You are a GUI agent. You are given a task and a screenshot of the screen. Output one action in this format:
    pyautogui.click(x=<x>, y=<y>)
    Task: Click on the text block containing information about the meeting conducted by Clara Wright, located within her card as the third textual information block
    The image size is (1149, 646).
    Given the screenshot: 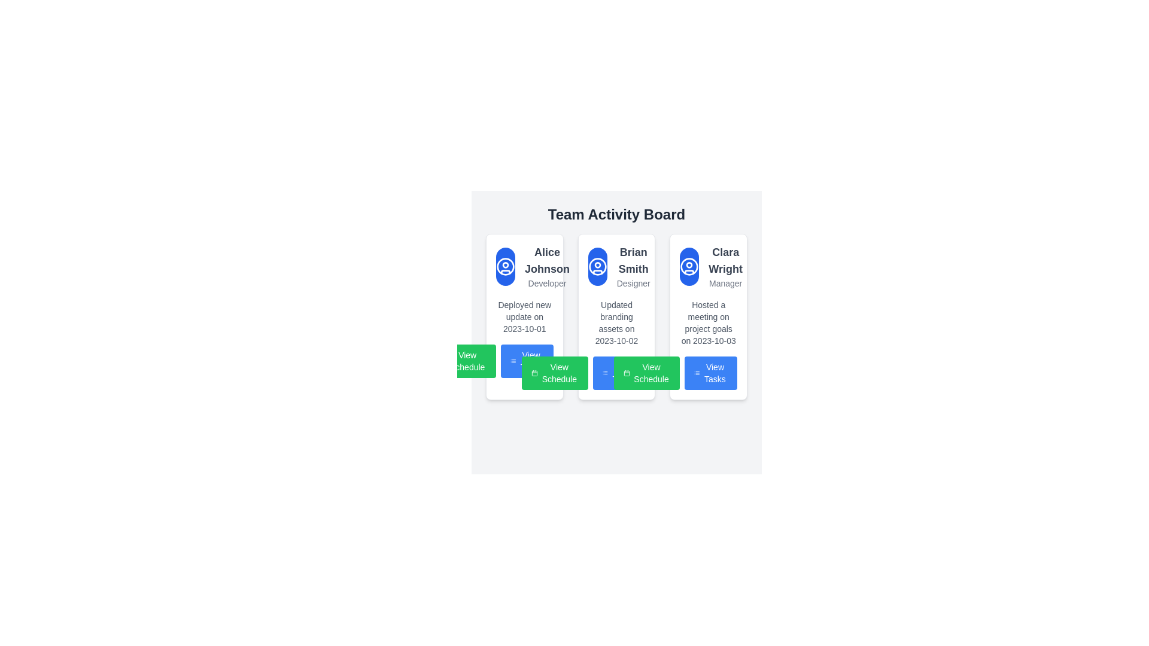 What is the action you would take?
    pyautogui.click(x=709, y=323)
    